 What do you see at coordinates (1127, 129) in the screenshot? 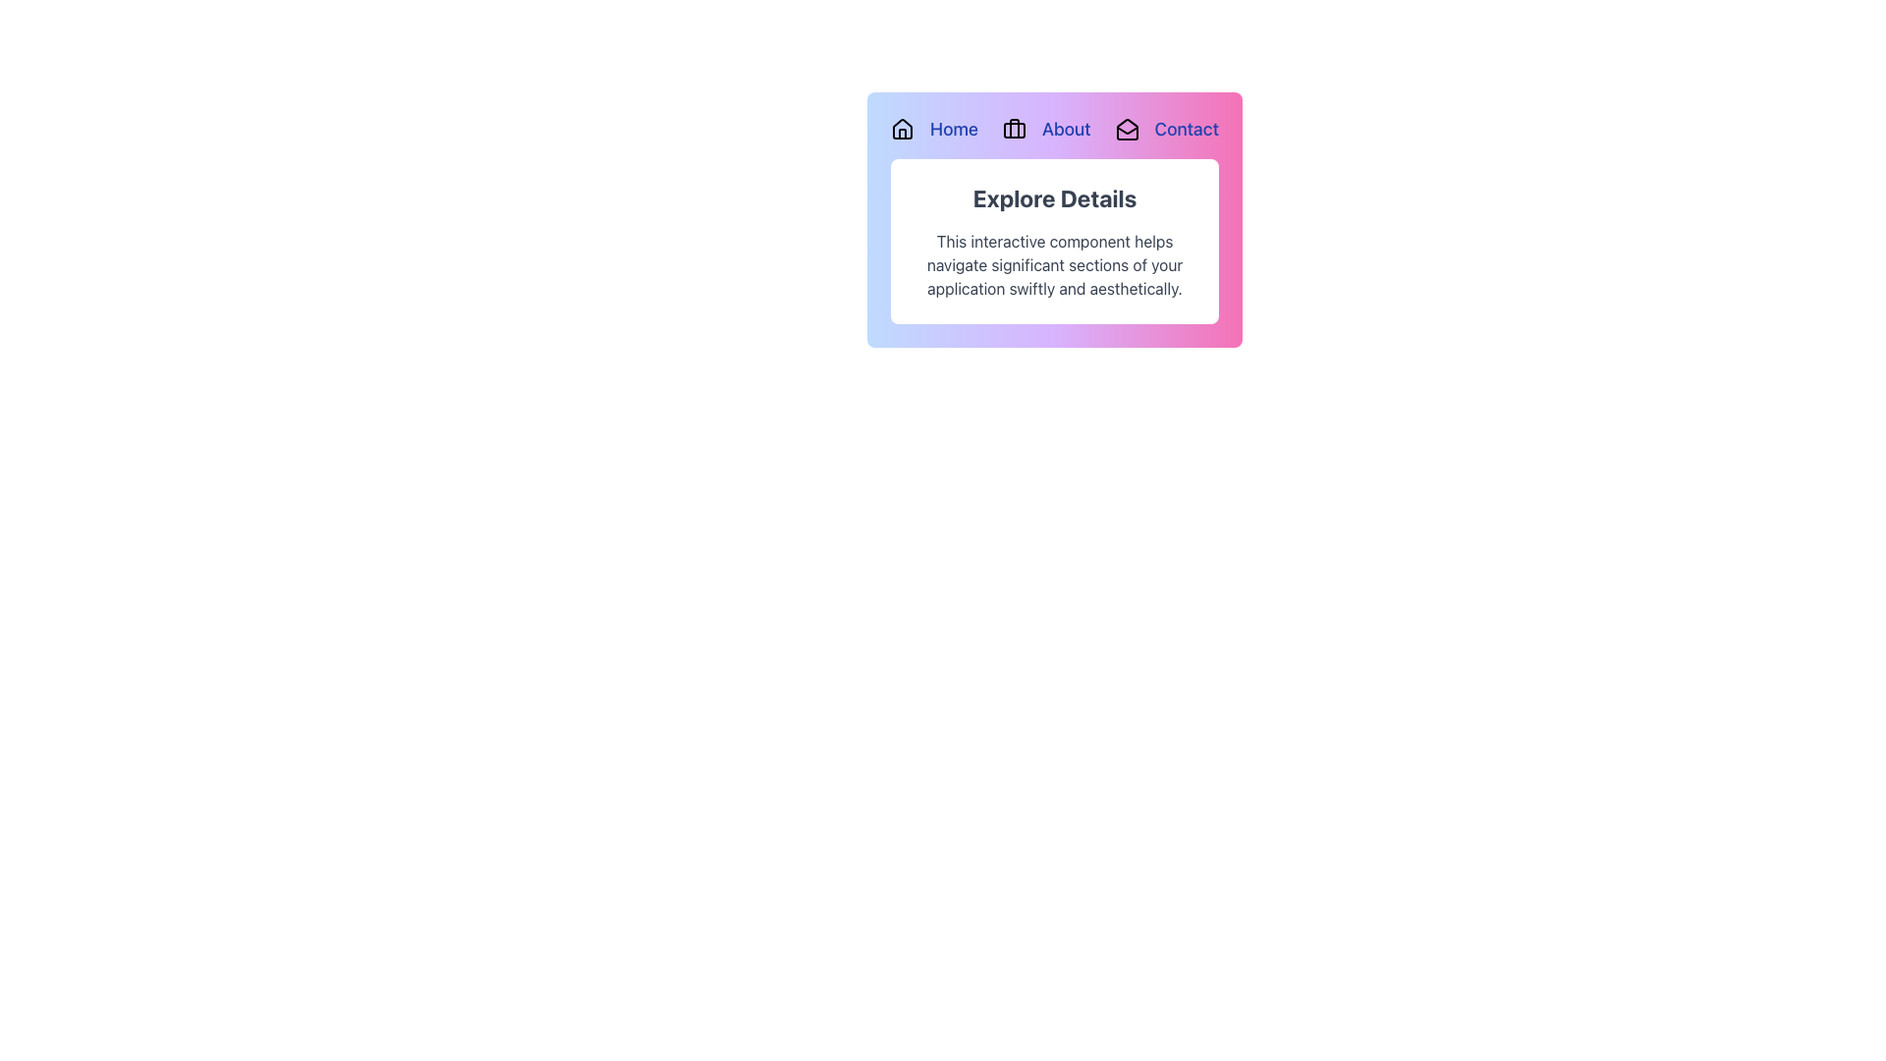
I see `the contact icon located to the left of the 'Contact' text label, which serves as a visual indicator for contact-related actions` at bounding box center [1127, 129].